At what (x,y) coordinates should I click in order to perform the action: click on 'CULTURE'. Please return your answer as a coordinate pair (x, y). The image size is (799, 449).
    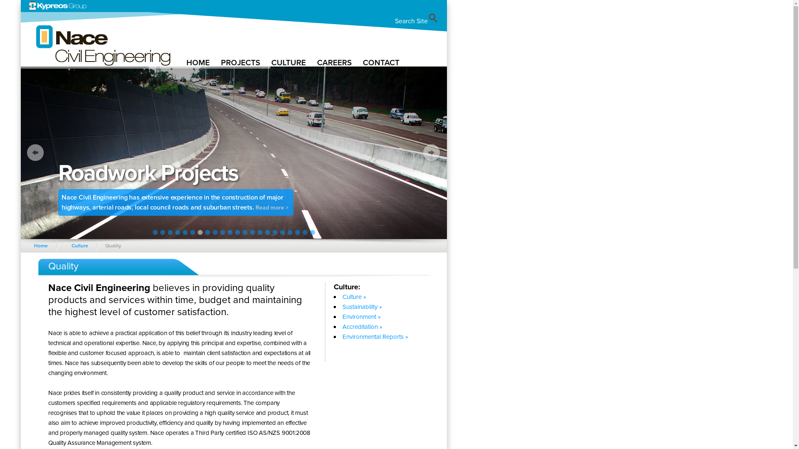
    Looking at the image, I should click on (289, 62).